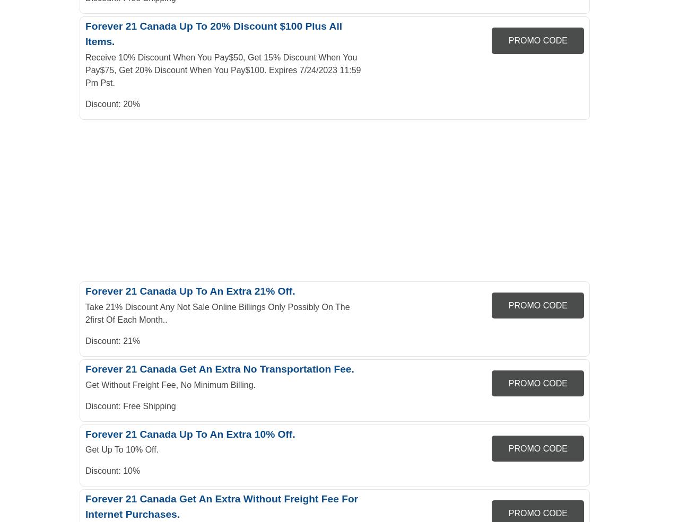 The width and height of the screenshot is (679, 522). Describe the element at coordinates (221, 507) in the screenshot. I see `'Forever 21 Canada Get An Extra Without Freight Fee For Internet Purchases.'` at that location.